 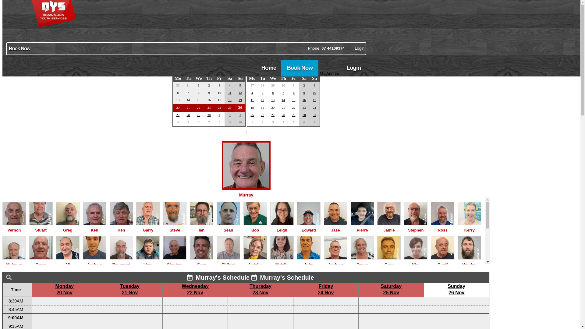 What do you see at coordinates (335, 227) in the screenshot?
I see `'Jase'` at bounding box center [335, 227].